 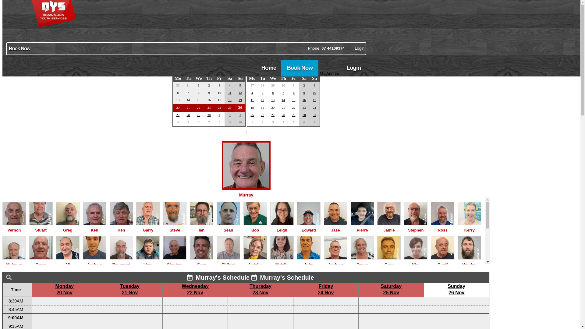 What do you see at coordinates (335, 227) in the screenshot?
I see `'Jase'` at bounding box center [335, 227].